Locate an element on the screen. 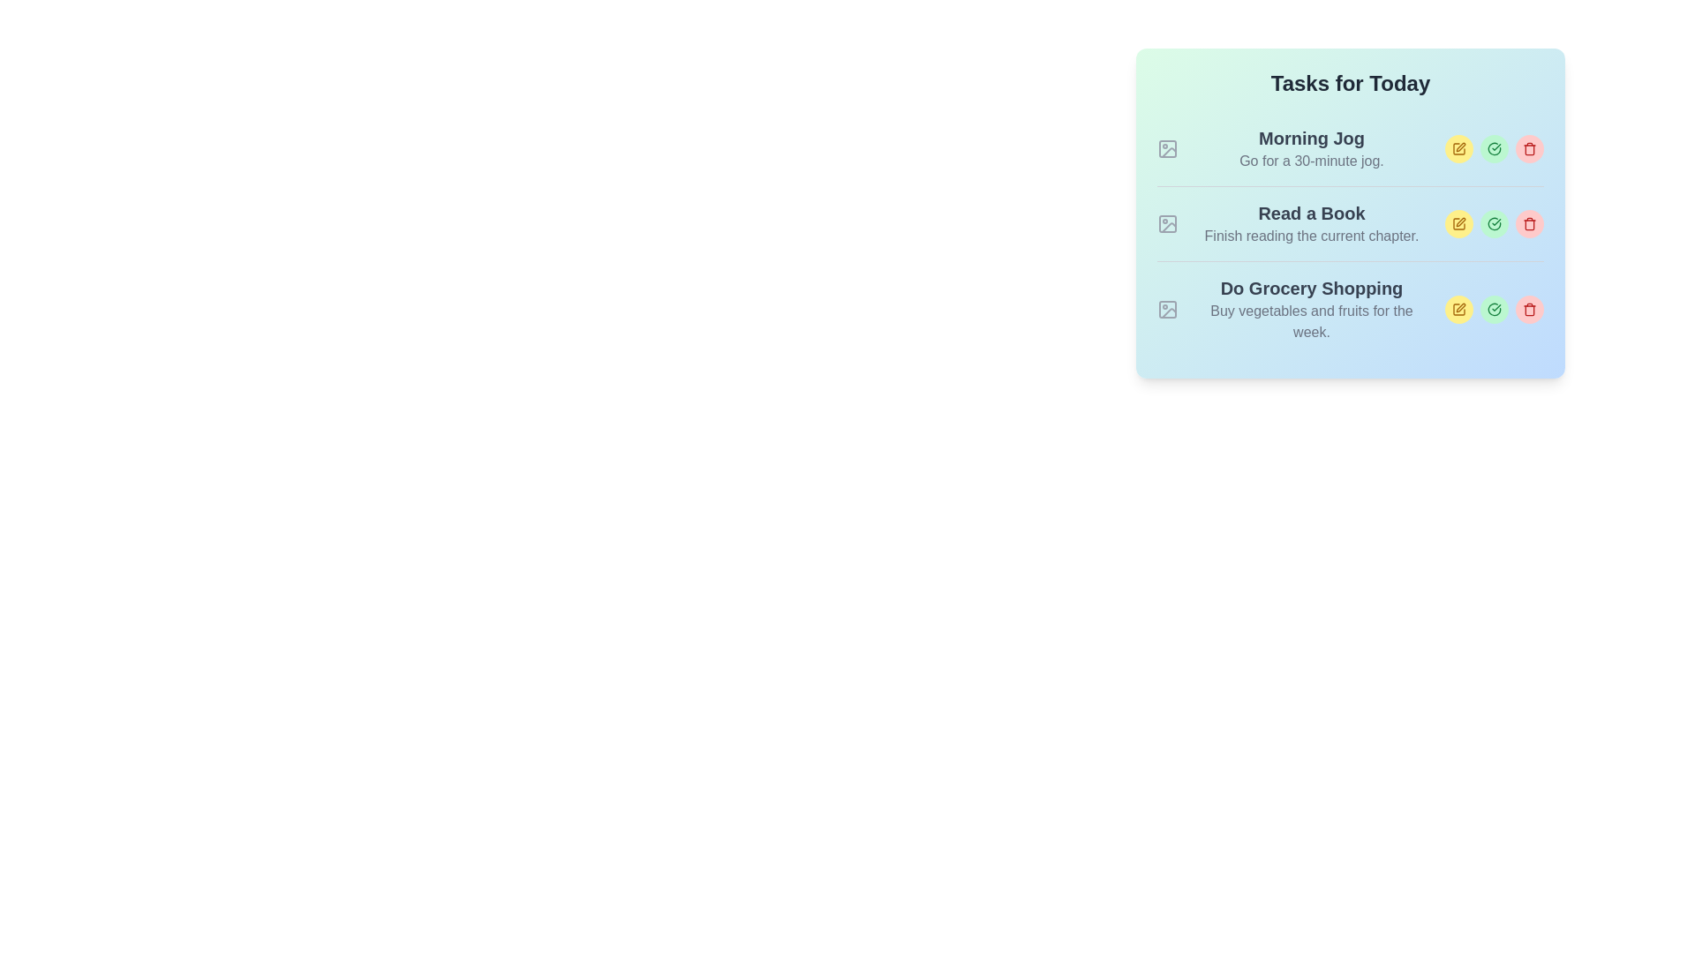  the circular yellow button with a pen icon is located at coordinates (1458, 309).